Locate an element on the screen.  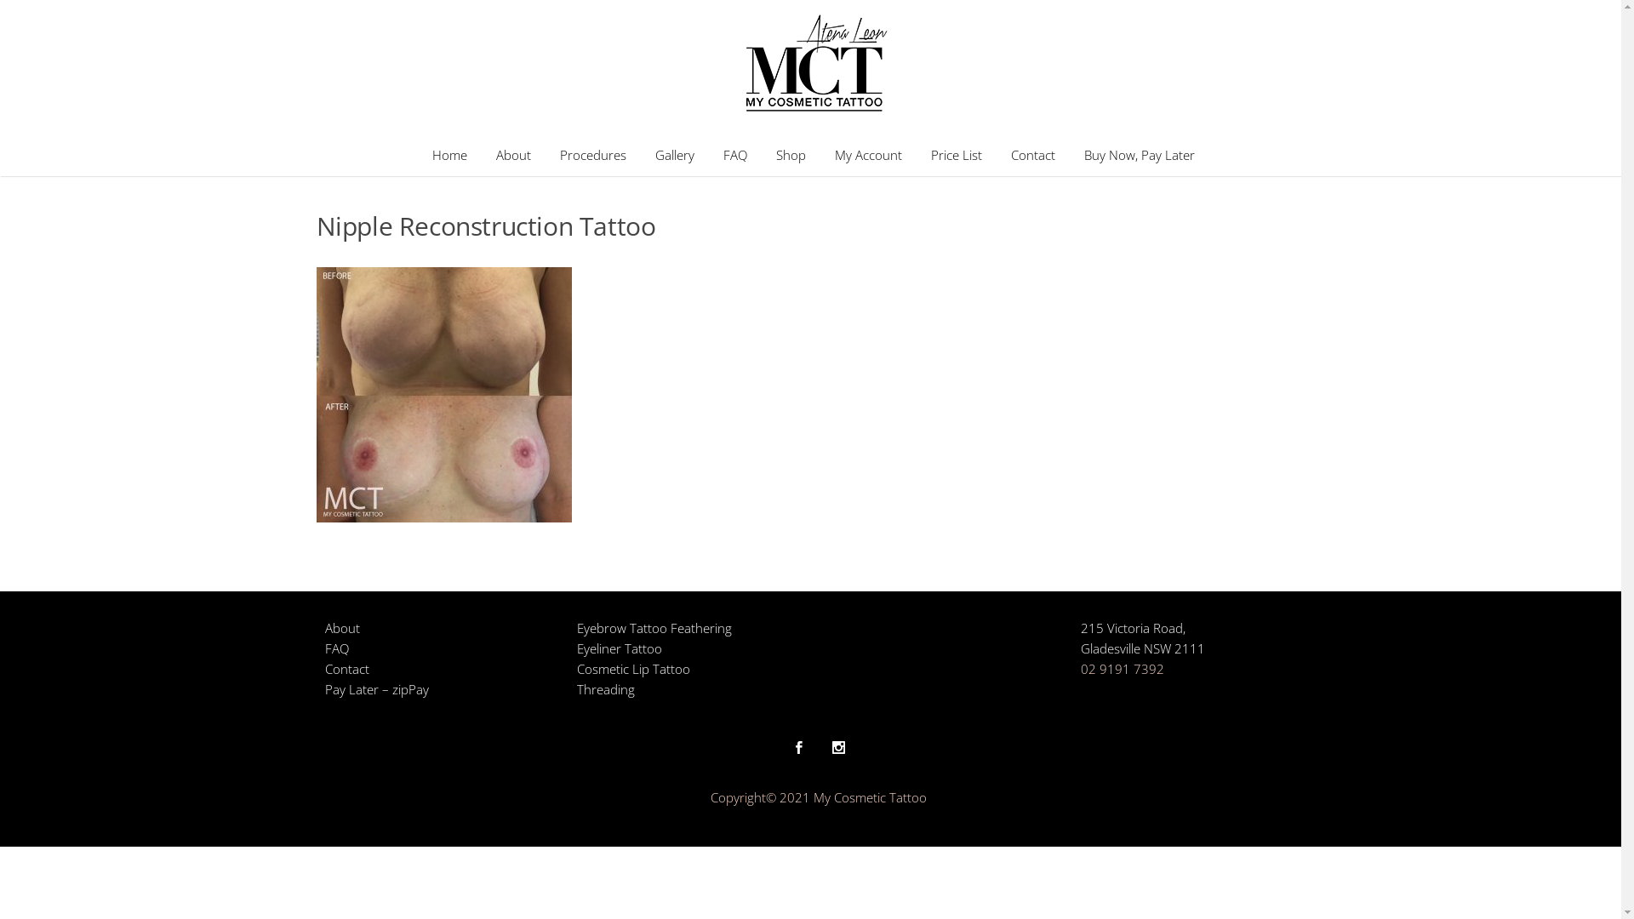
'Eyebrow Tattoo Feathering' is located at coordinates (653, 627).